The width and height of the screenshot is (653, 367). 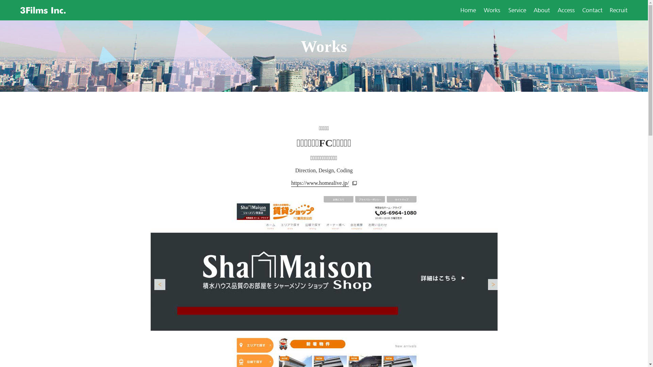 What do you see at coordinates (291, 182) in the screenshot?
I see `'https://www.homealive.jp/'` at bounding box center [291, 182].